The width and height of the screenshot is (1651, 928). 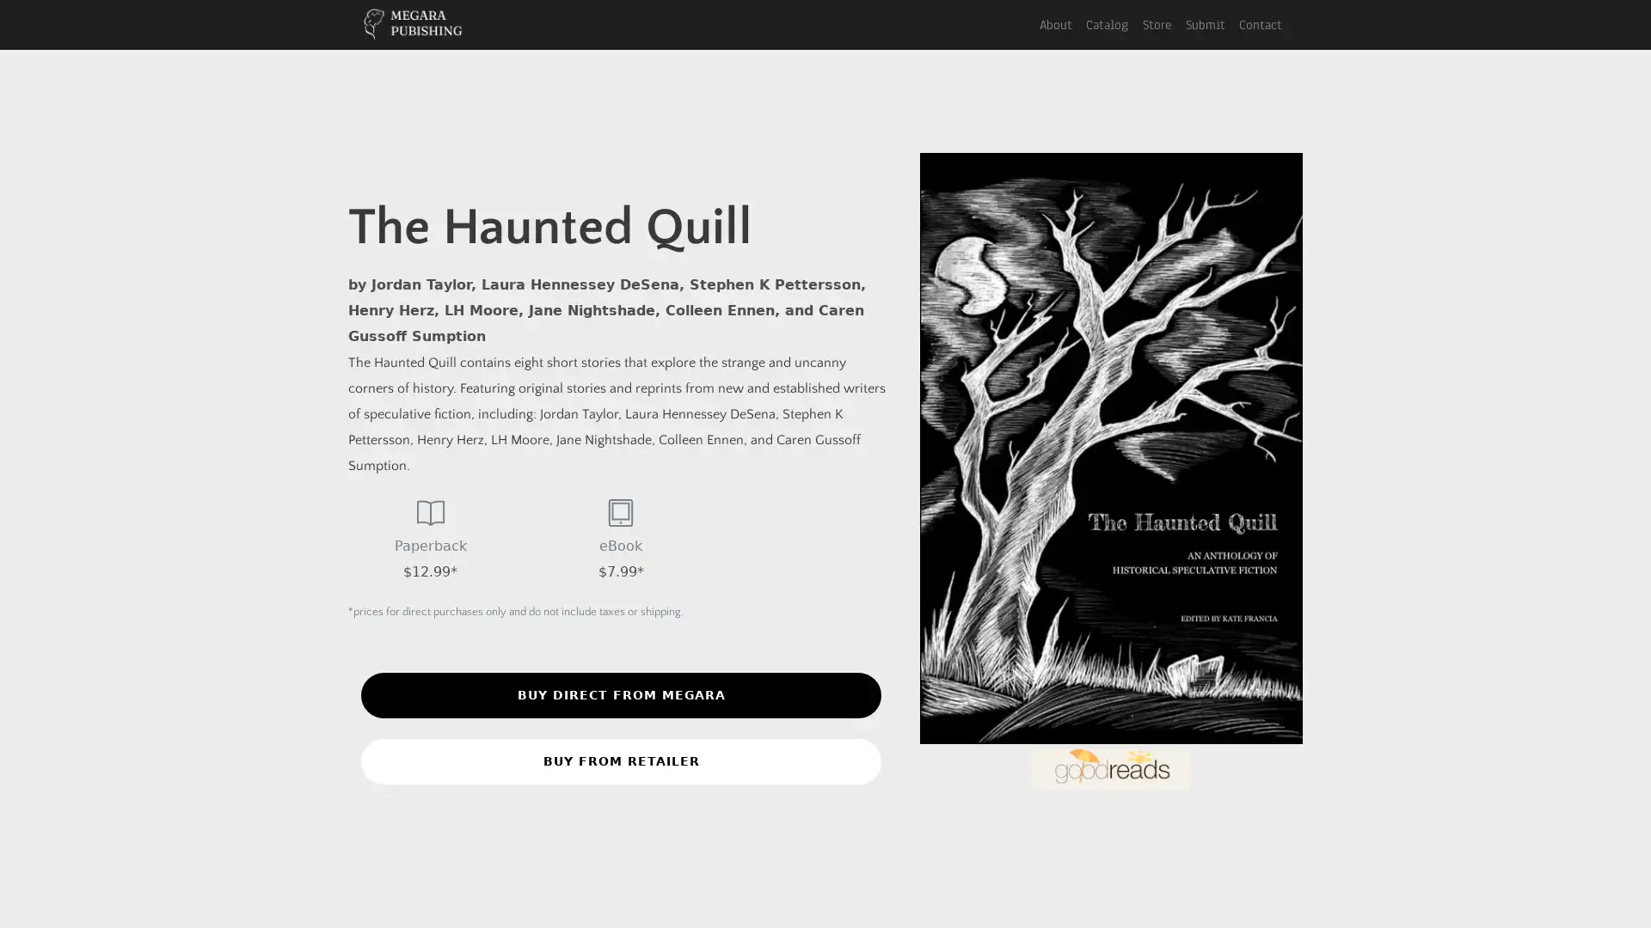 I want to click on BUY DIRECT FROM MEGARA, so click(x=620, y=694).